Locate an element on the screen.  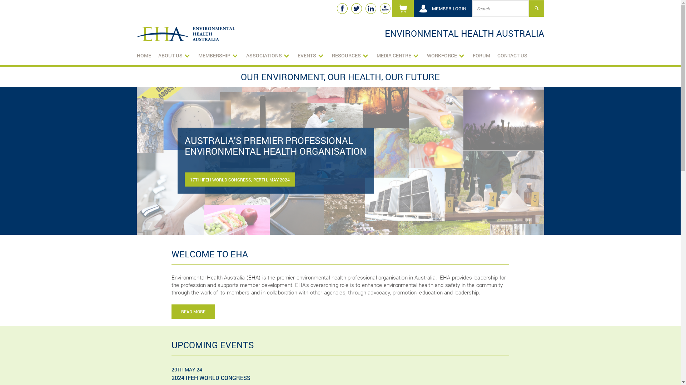
'HOME' is located at coordinates (143, 55).